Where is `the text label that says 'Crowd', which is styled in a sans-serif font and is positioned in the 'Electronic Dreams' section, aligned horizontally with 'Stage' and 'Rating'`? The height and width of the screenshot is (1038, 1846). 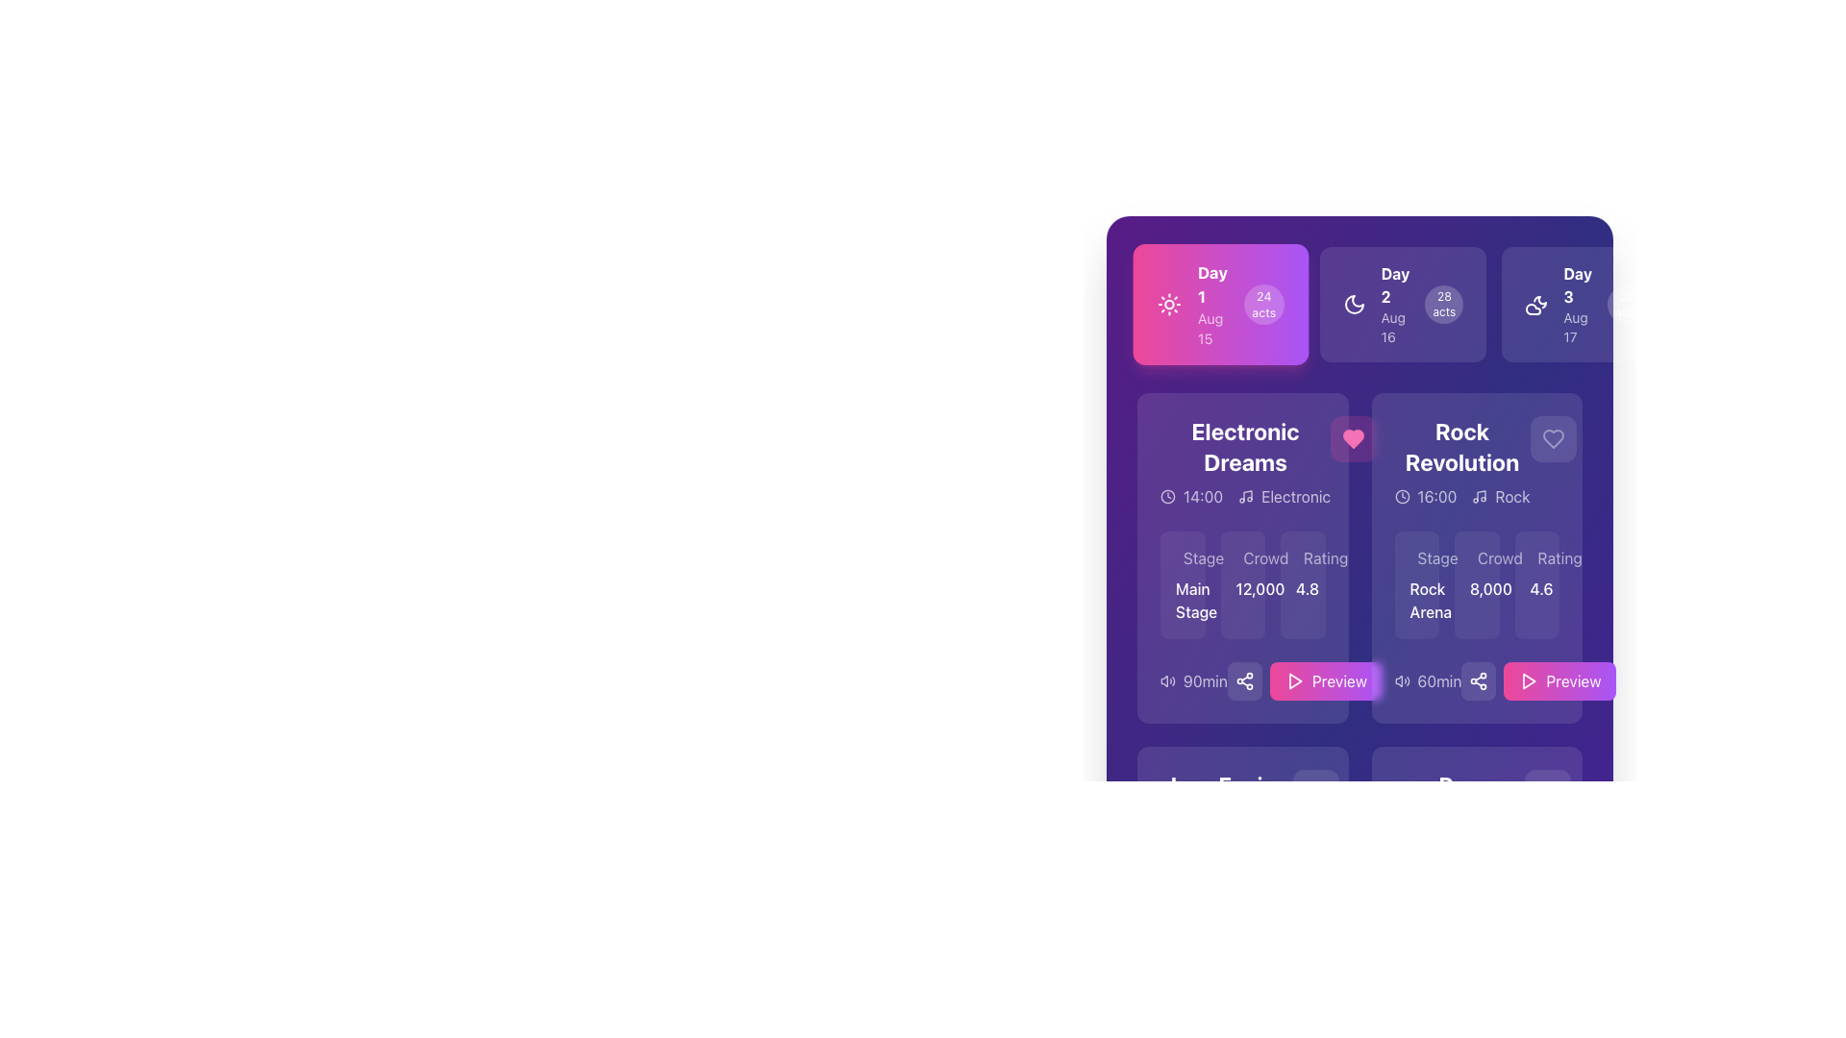
the text label that says 'Crowd', which is styled in a sans-serif font and is positioned in the 'Electronic Dreams' section, aligned horizontally with 'Stage' and 'Rating' is located at coordinates (1265, 558).